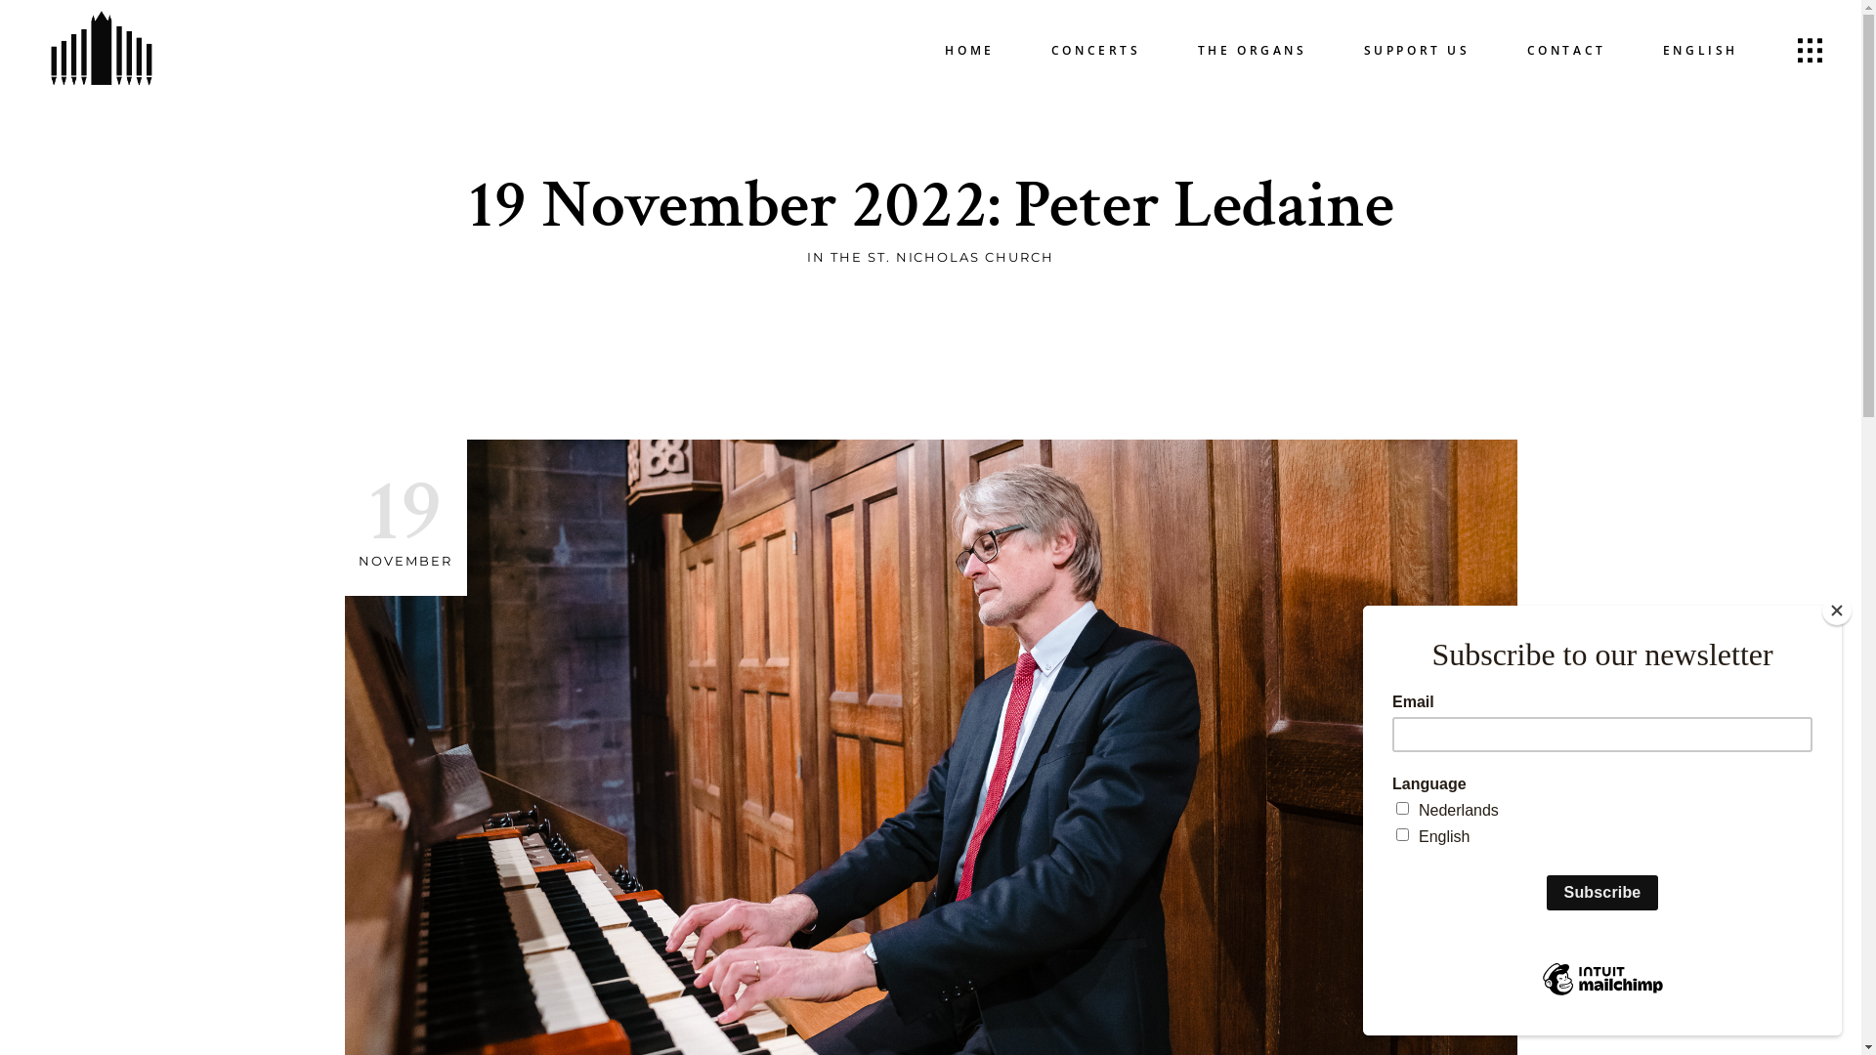  What do you see at coordinates (1417, 48) in the screenshot?
I see `'SUPPORT US'` at bounding box center [1417, 48].